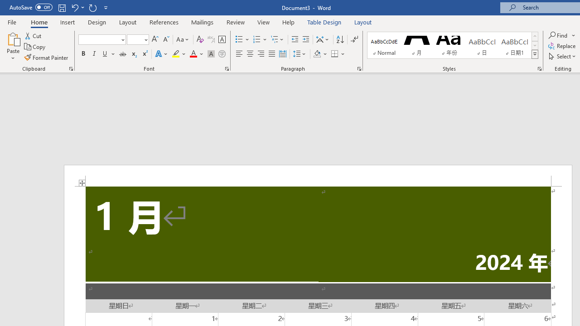 This screenshot has width=580, height=326. Describe the element at coordinates (155, 39) in the screenshot. I see `'Grow Font'` at that location.